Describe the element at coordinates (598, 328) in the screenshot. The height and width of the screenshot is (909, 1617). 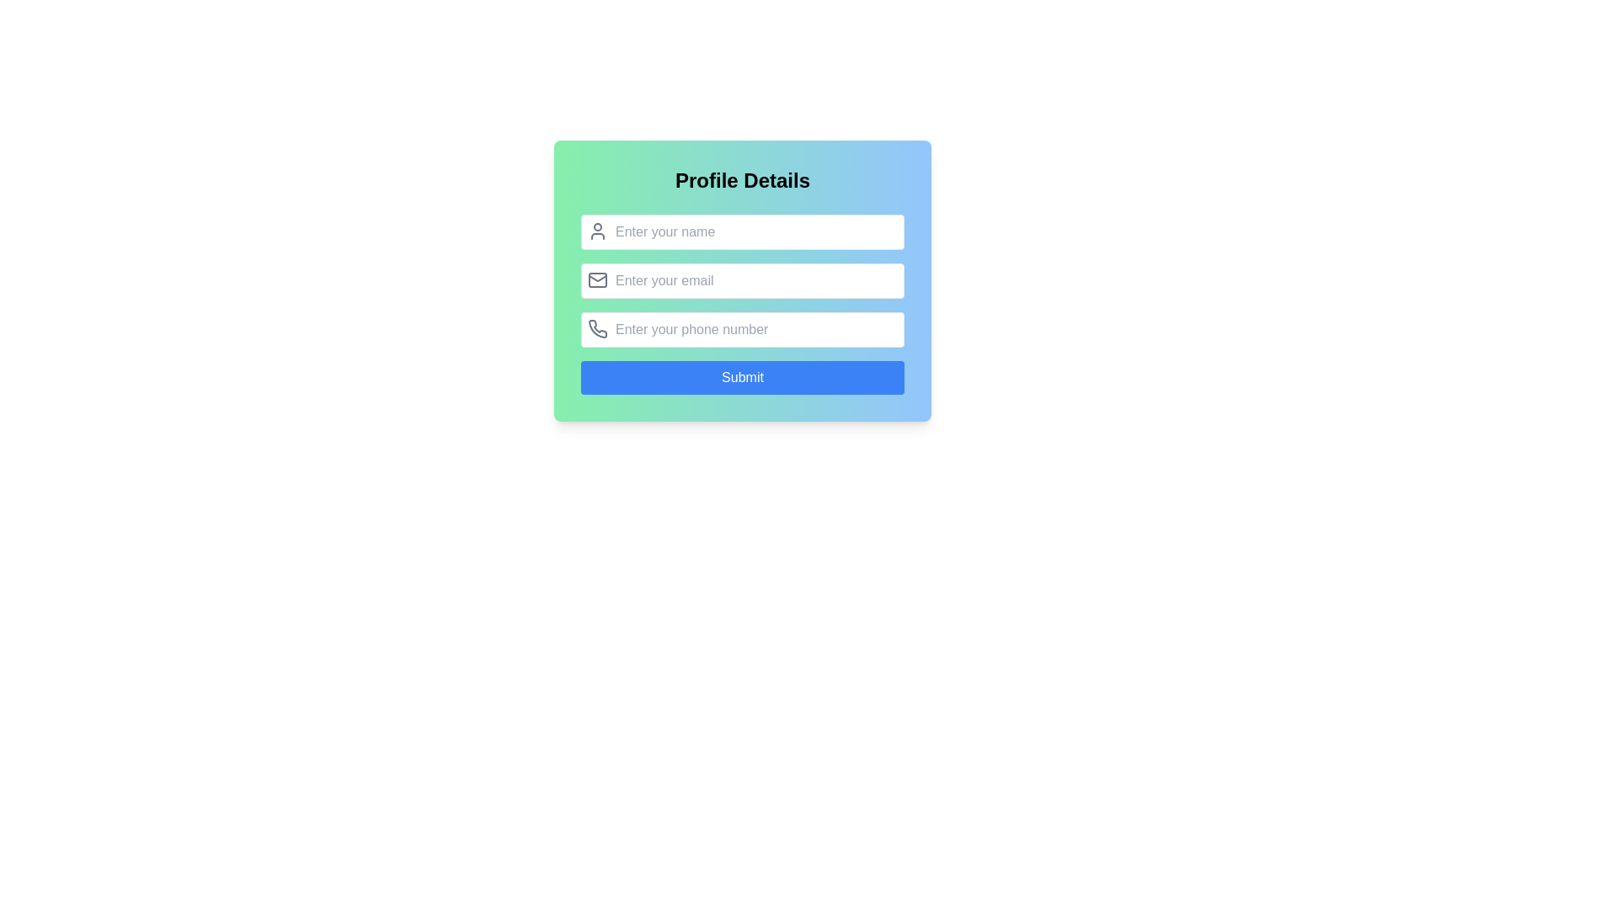
I see `the phone receiver icon, which is drawn in a circular contour style with a gray stroke` at that location.